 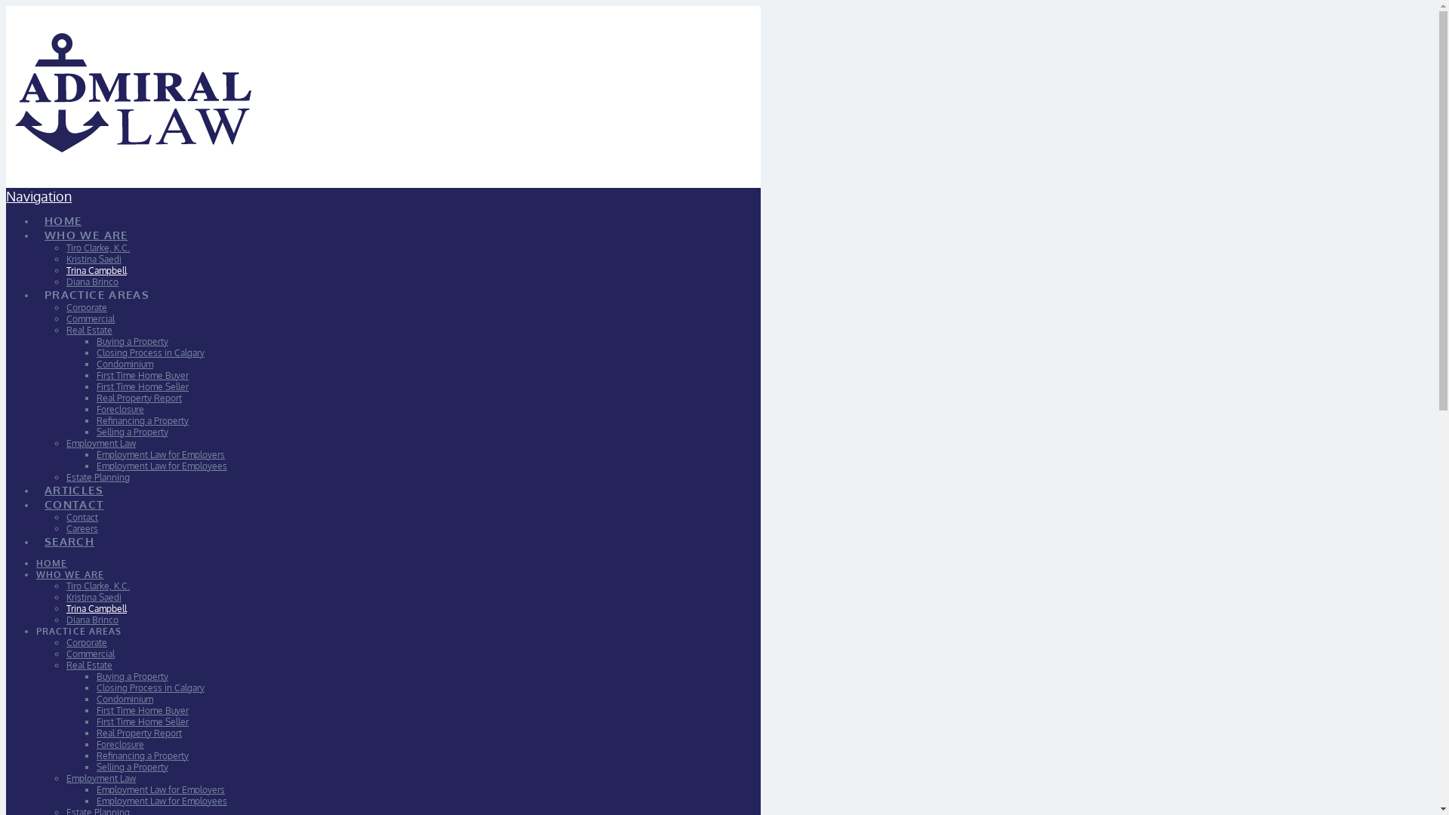 I want to click on 'Condominium', so click(x=125, y=699).